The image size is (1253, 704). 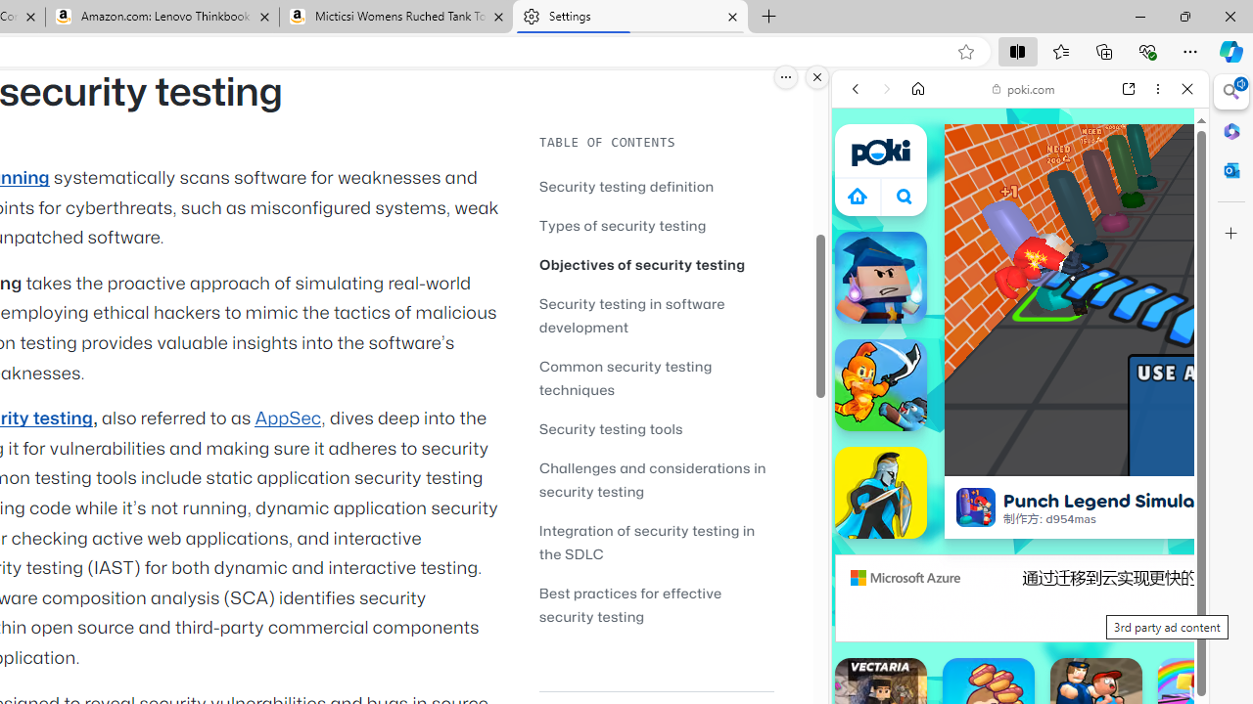 What do you see at coordinates (879, 384) in the screenshot?
I see `'Sword Masters'` at bounding box center [879, 384].